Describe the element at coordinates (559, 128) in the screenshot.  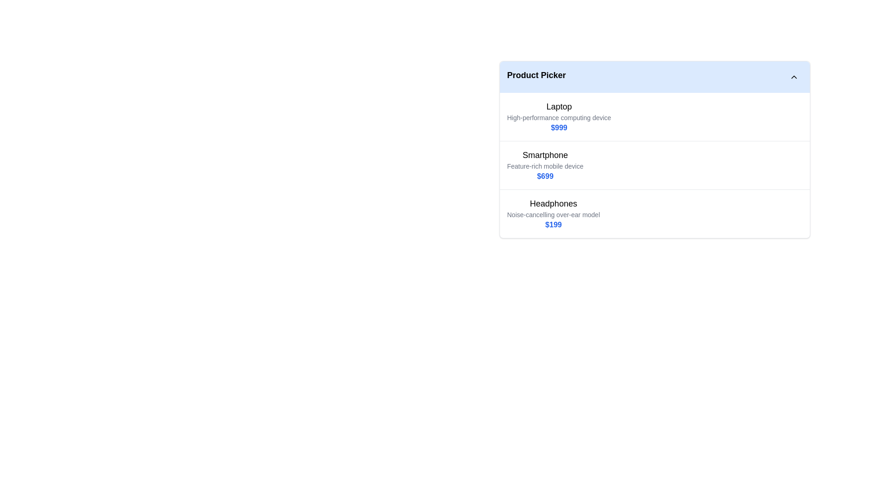
I see `the static text displaying the price of the laptop, located under 'High-performance computing device' and 'Laptop' in the 'Product Picker' section` at that location.